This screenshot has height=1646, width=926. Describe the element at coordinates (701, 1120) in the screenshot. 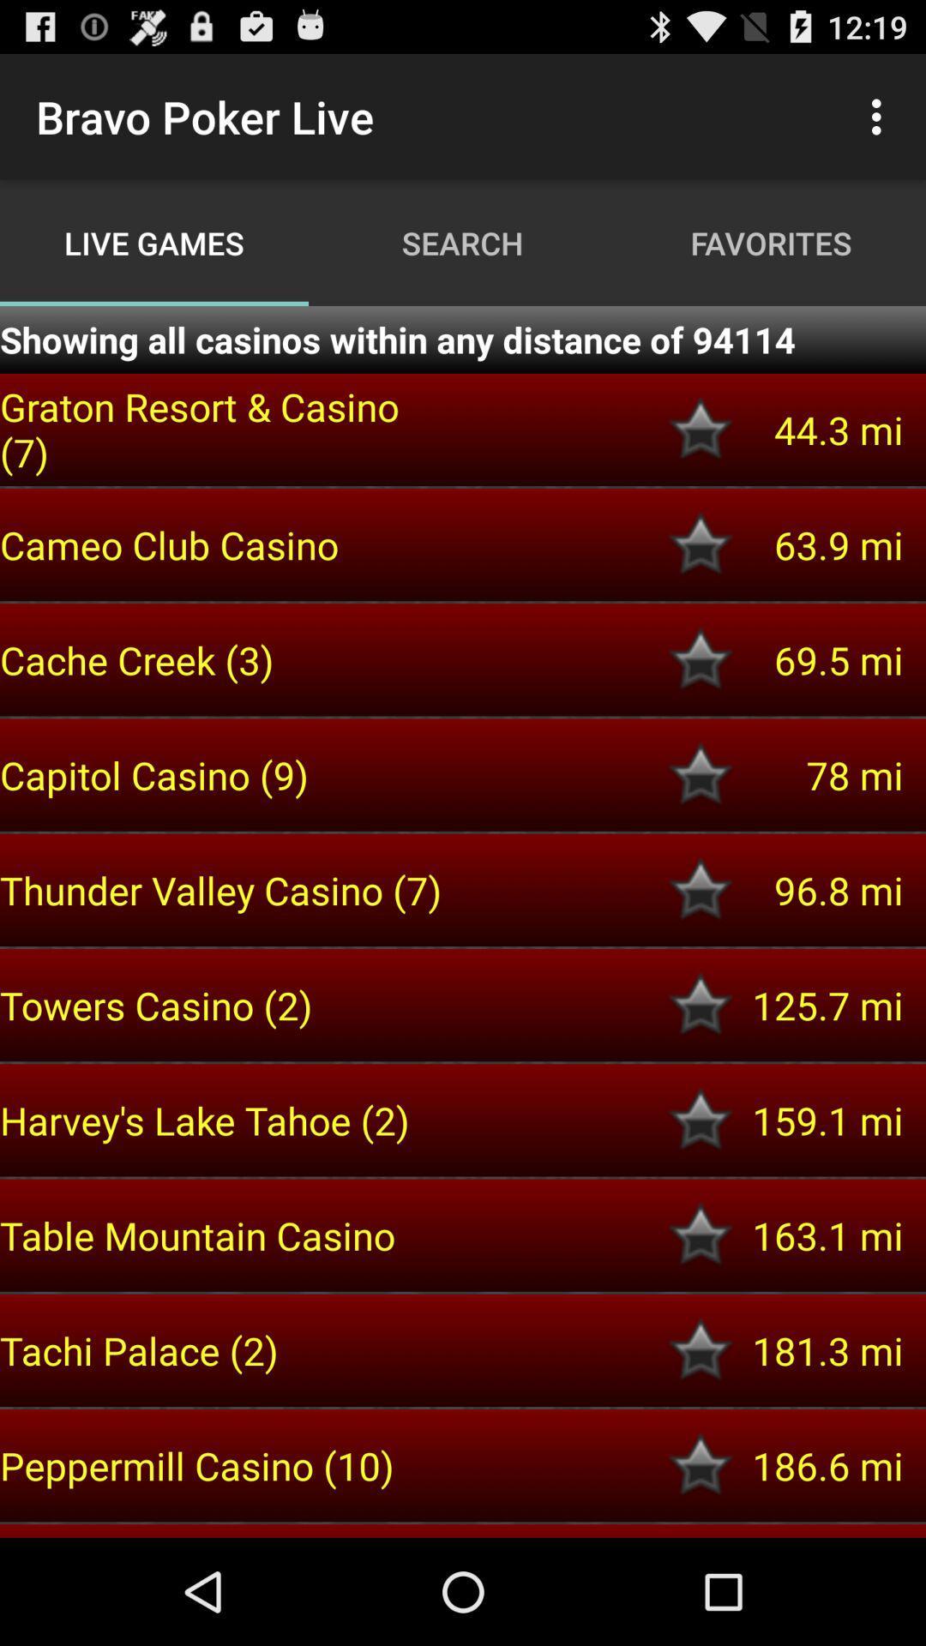

I see `as favotire` at that location.